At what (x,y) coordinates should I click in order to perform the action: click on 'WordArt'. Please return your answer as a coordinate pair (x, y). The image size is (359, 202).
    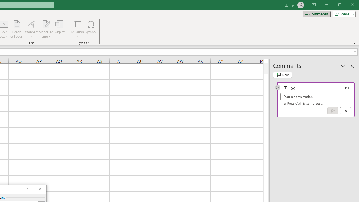
    Looking at the image, I should click on (31, 29).